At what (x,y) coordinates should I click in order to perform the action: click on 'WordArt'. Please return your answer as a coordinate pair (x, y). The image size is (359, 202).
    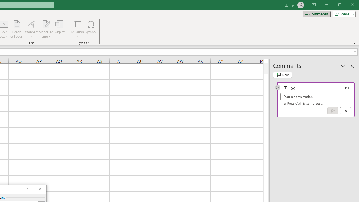
    Looking at the image, I should click on (31, 29).